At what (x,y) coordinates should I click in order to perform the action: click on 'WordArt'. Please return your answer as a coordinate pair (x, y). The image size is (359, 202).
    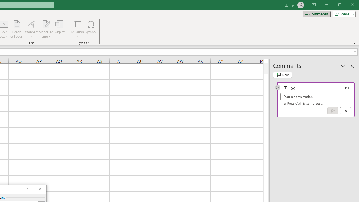
    Looking at the image, I should click on (31, 29).